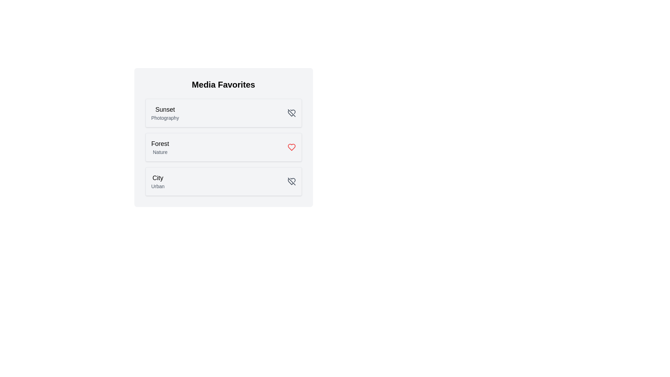 The image size is (670, 377). I want to click on the media item with name City to read its name and category, so click(157, 177).